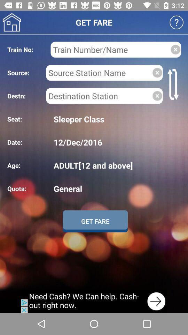 The image size is (188, 335). Describe the element at coordinates (110, 49) in the screenshot. I see `to fill in train name or number used` at that location.